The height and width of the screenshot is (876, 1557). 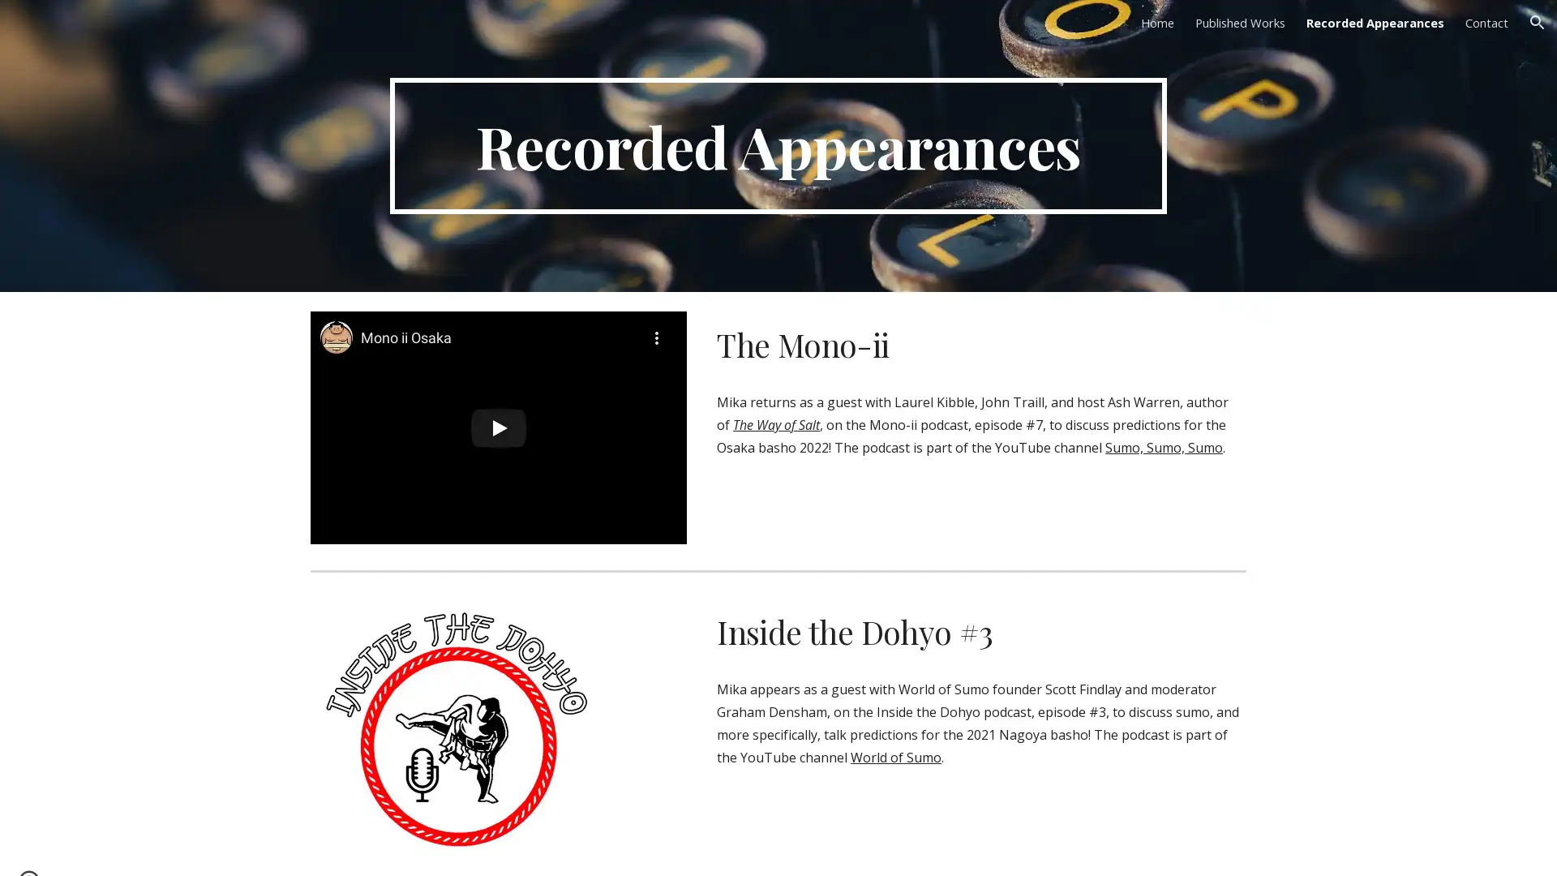 I want to click on Skip to navigation, so click(x=924, y=30).